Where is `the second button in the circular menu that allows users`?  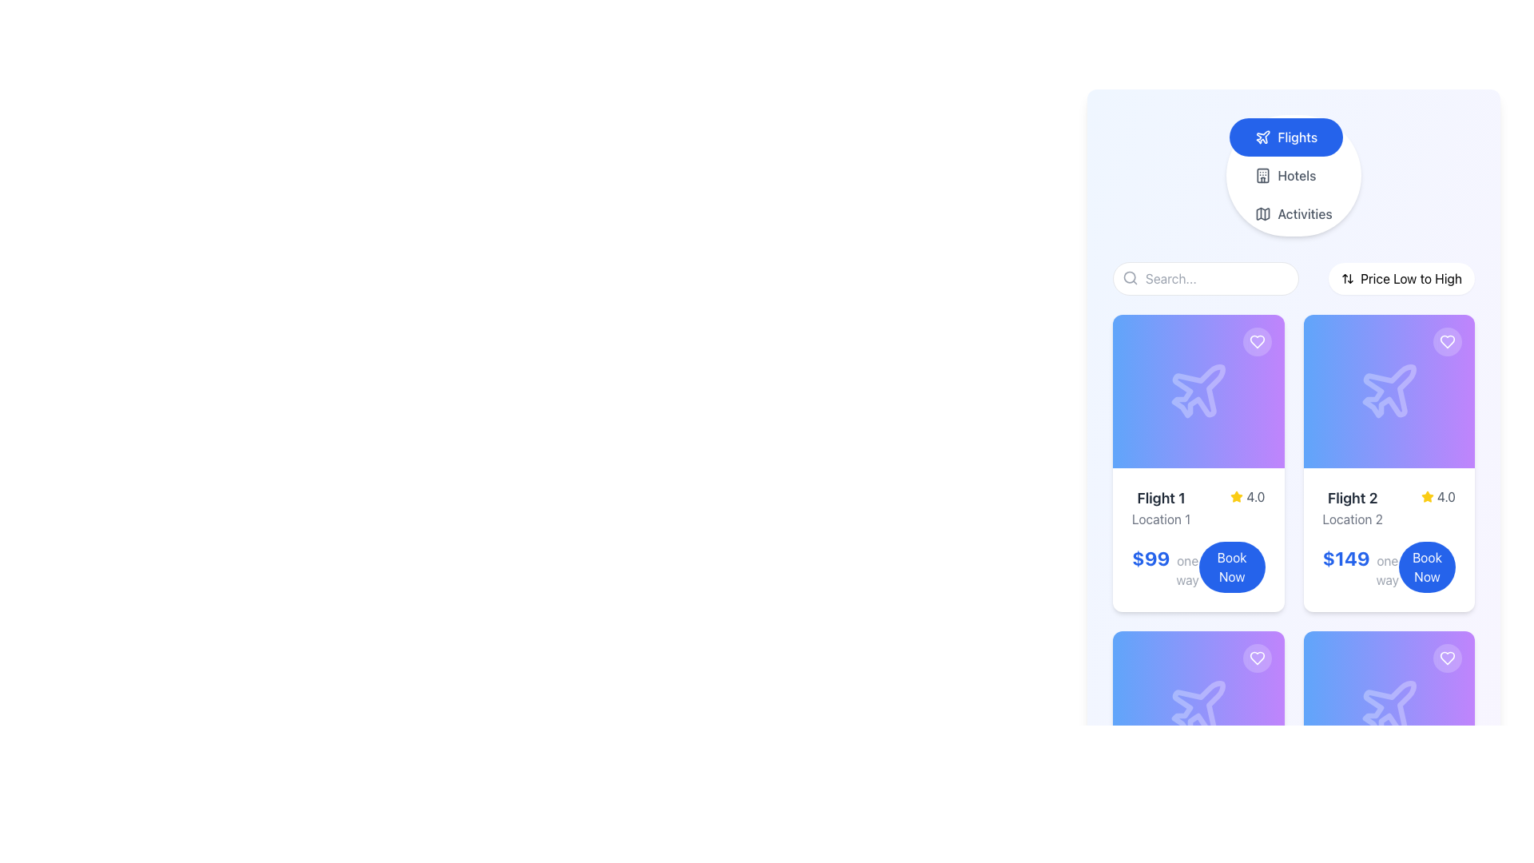
the second button in the circular menu that allows users is located at coordinates (1294, 175).